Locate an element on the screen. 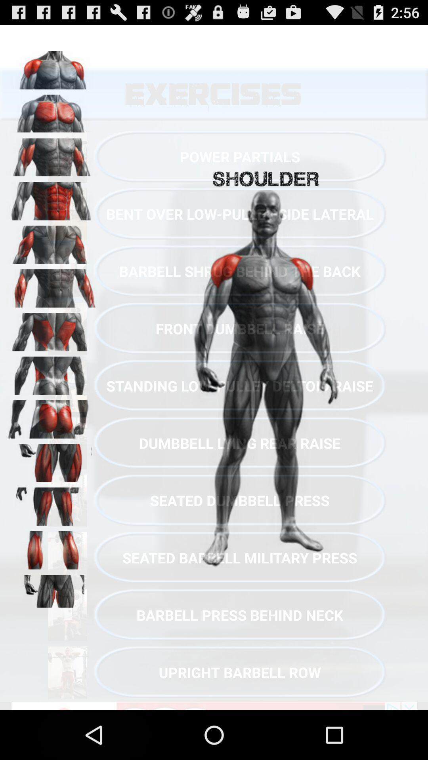 The image size is (428, 760). triceps muscle is located at coordinates (52, 241).